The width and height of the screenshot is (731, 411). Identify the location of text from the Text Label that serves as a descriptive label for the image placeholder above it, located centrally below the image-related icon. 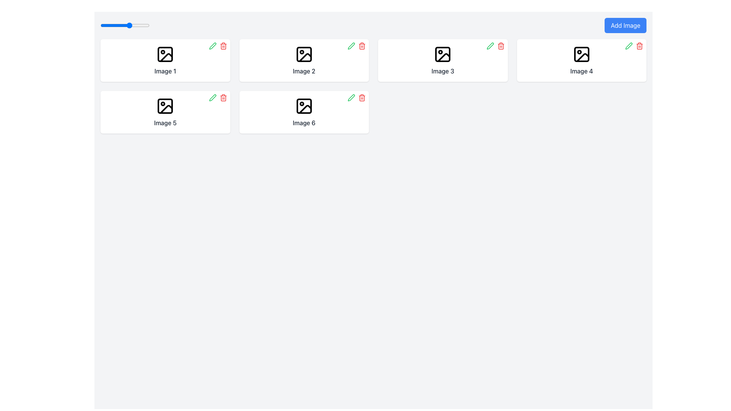
(303, 71).